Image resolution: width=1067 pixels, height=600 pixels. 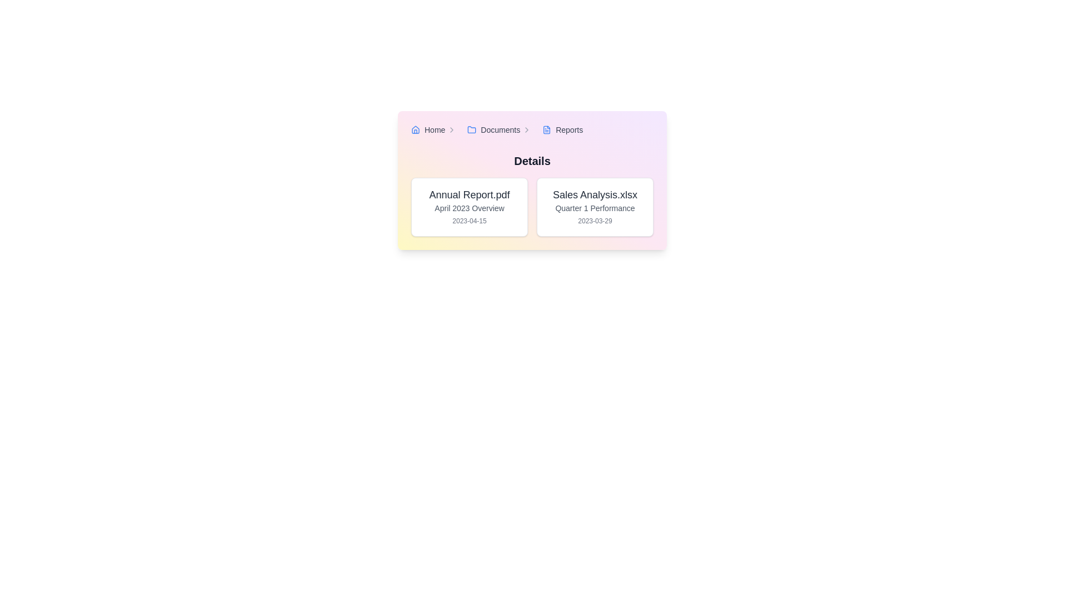 What do you see at coordinates (569, 129) in the screenshot?
I see `the 'Reports' hyperlink element in the breadcrumb navigation` at bounding box center [569, 129].